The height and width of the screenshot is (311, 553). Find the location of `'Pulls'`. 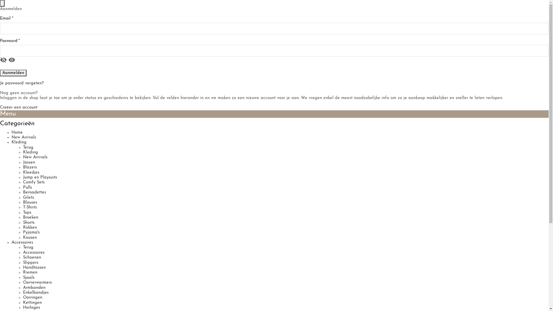

'Pulls' is located at coordinates (27, 187).